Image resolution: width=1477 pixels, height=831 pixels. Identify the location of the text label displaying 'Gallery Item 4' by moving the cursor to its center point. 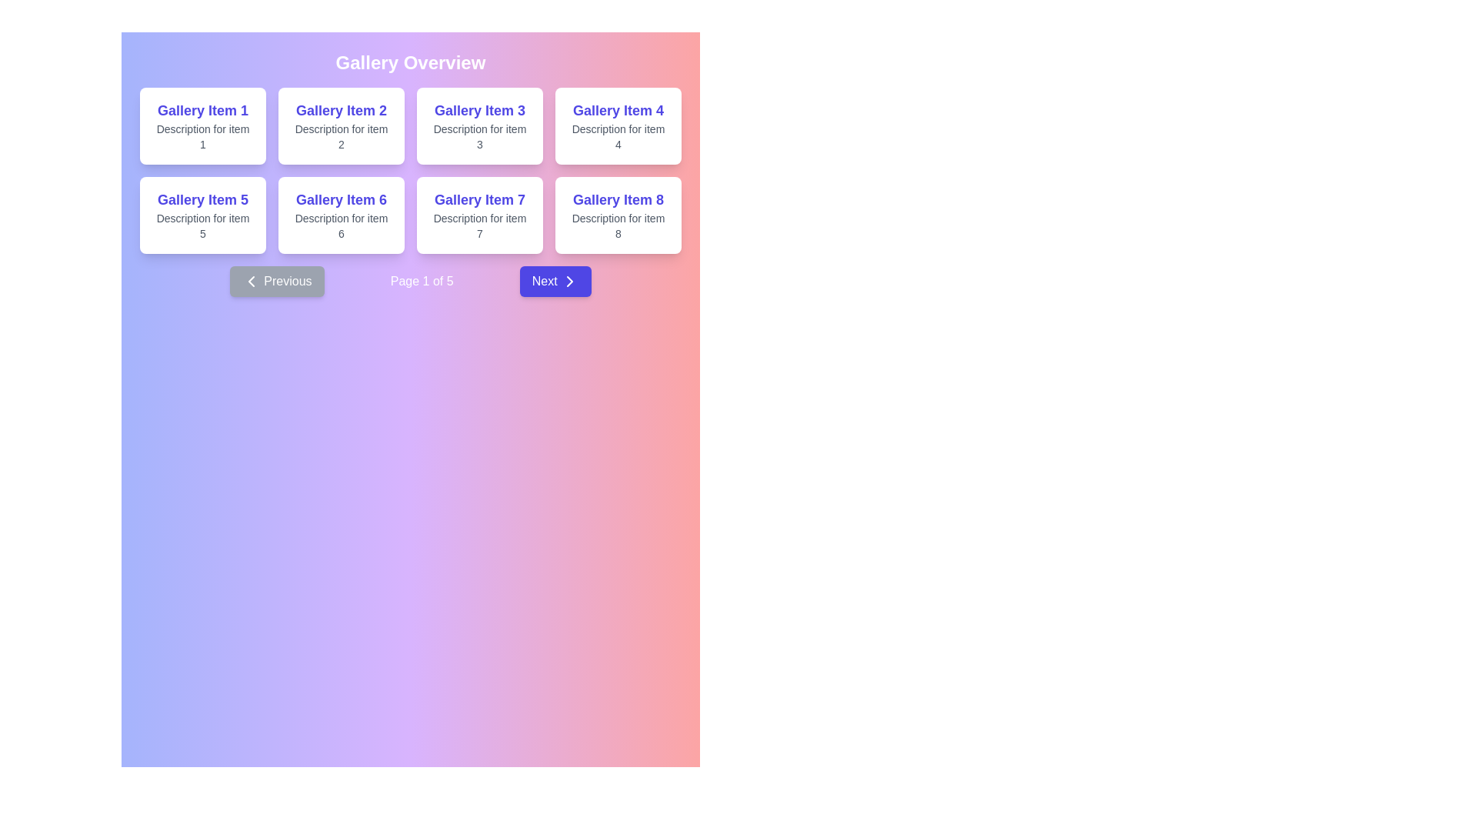
(618, 109).